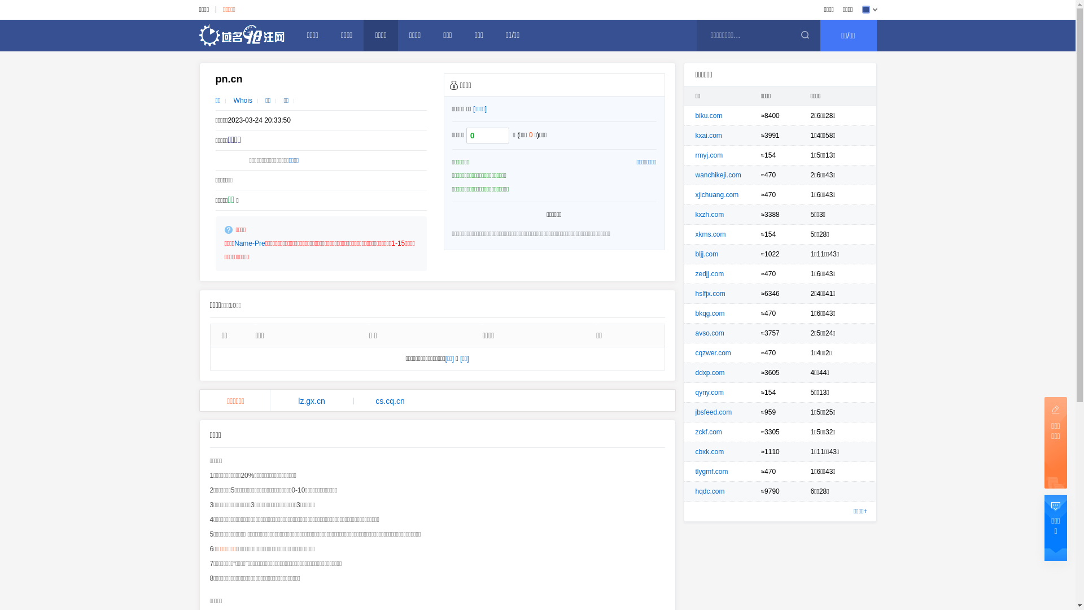 This screenshot has width=1084, height=610. What do you see at coordinates (695, 254) in the screenshot?
I see `'bljj.com'` at bounding box center [695, 254].